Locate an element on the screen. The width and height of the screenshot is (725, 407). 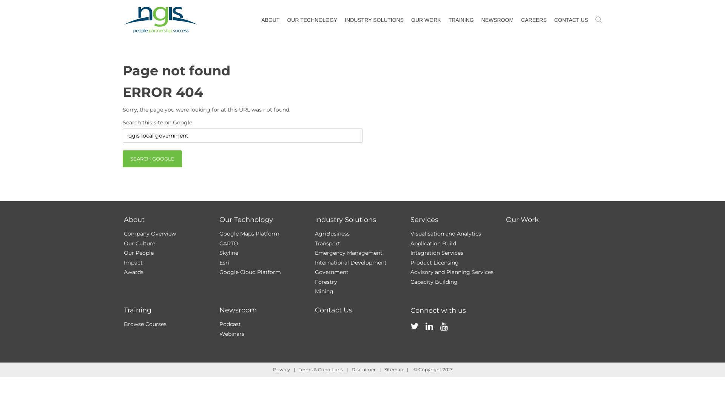
'Newsroom' is located at coordinates (237, 310).